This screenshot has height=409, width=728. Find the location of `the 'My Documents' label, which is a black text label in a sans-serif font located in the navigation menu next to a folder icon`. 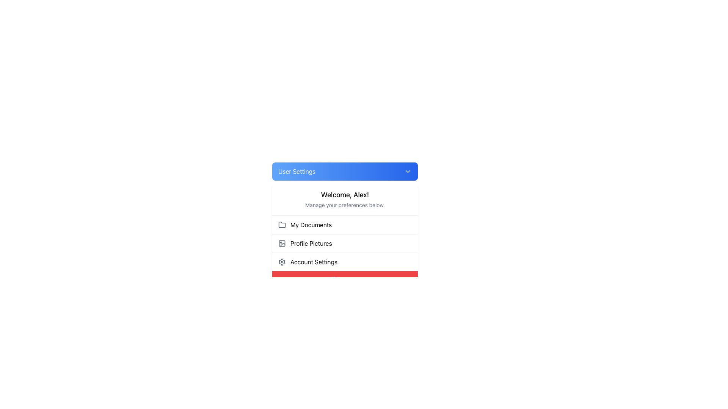

the 'My Documents' label, which is a black text label in a sans-serif font located in the navigation menu next to a folder icon is located at coordinates (311, 225).